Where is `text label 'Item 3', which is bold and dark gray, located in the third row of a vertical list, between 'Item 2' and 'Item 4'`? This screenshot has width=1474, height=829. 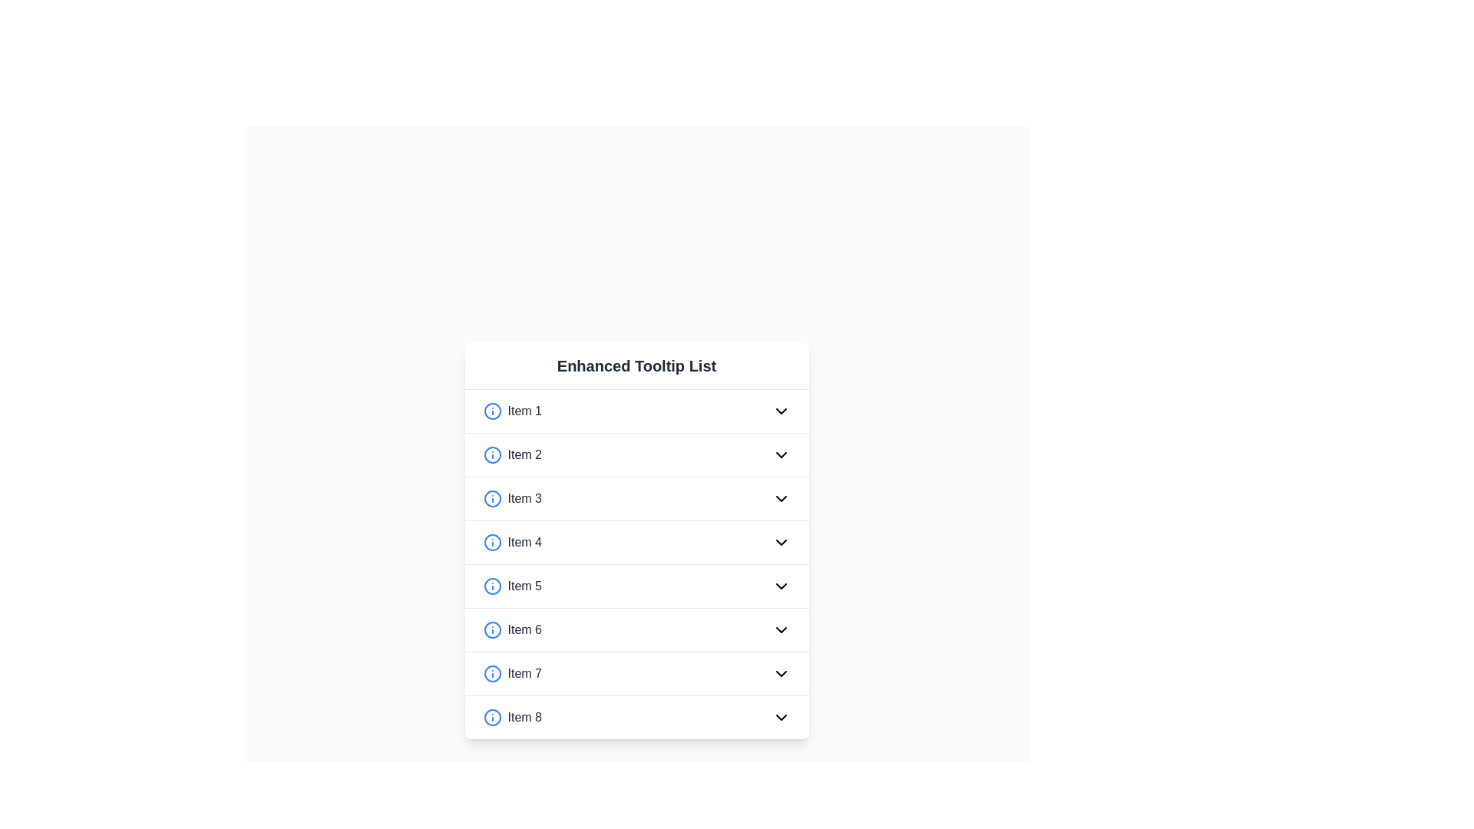 text label 'Item 3', which is bold and dark gray, located in the third row of a vertical list, between 'Item 2' and 'Item 4' is located at coordinates (524, 499).